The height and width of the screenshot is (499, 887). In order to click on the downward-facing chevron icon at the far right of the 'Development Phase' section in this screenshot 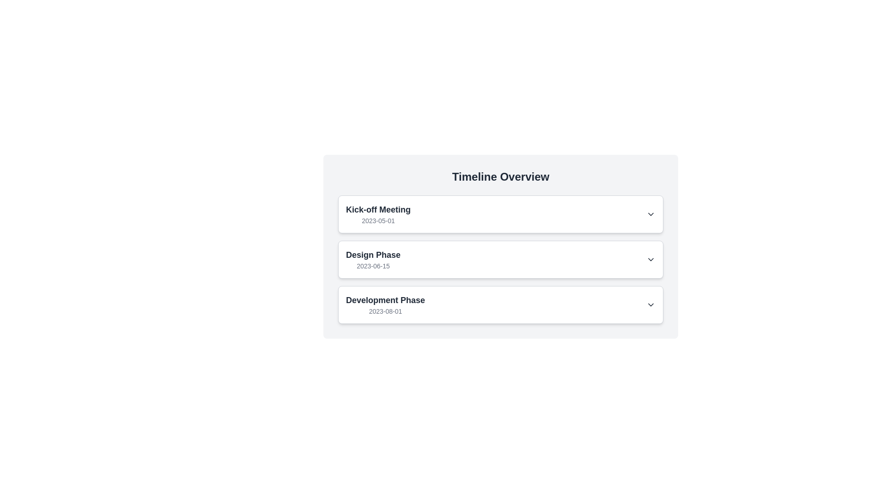, I will do `click(650, 304)`.